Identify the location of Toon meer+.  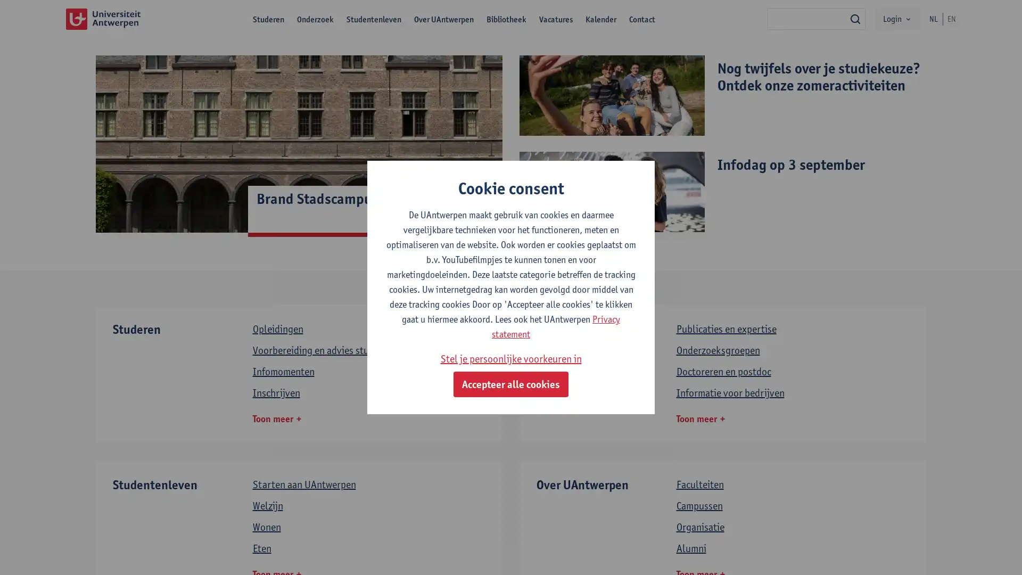
(276, 418).